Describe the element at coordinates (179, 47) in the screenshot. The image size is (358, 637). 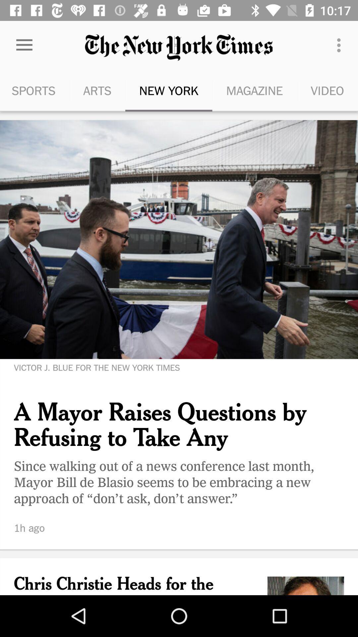
I see `text right to home button at top` at that location.